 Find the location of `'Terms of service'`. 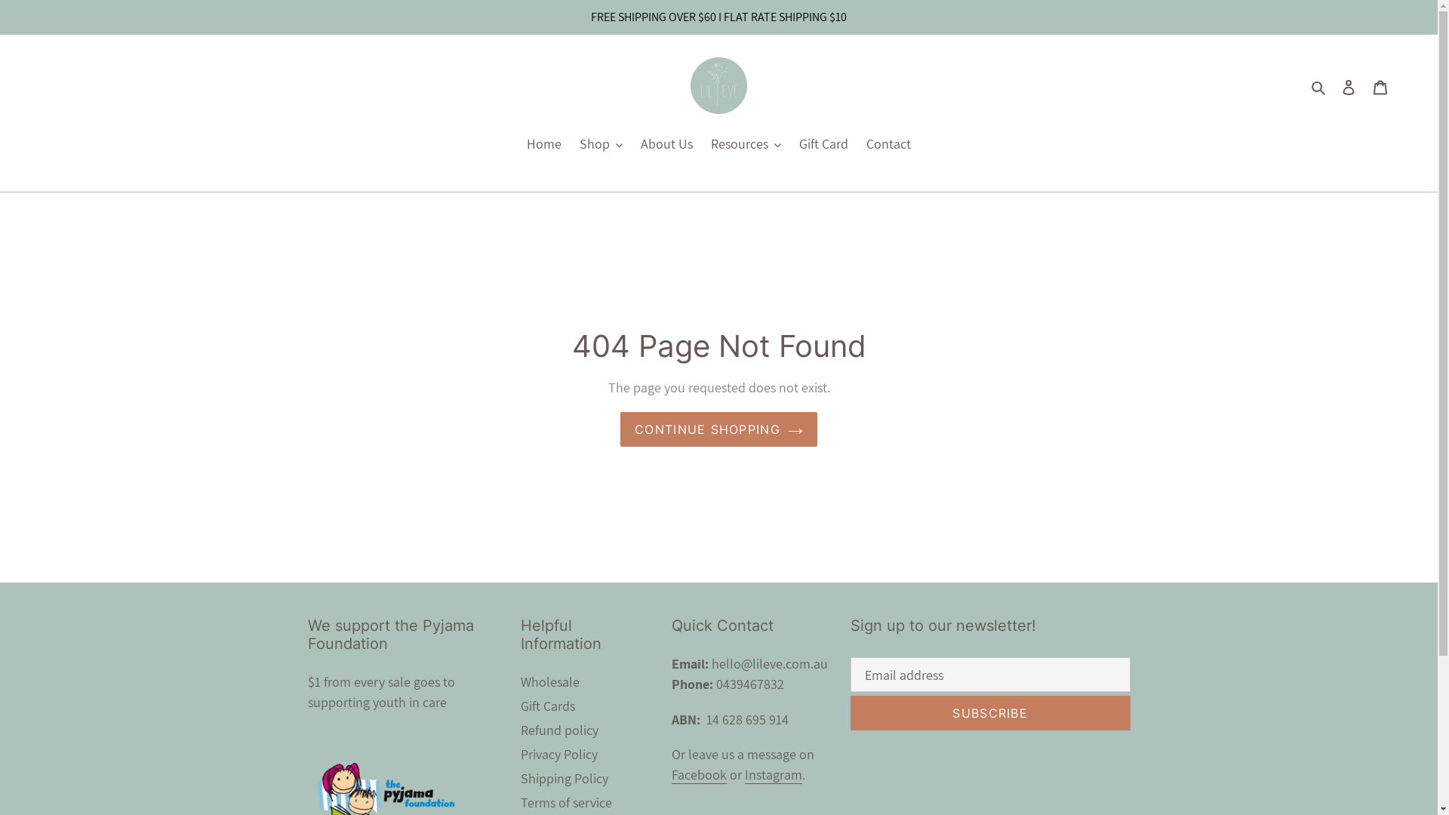

'Terms of service' is located at coordinates (565, 801).